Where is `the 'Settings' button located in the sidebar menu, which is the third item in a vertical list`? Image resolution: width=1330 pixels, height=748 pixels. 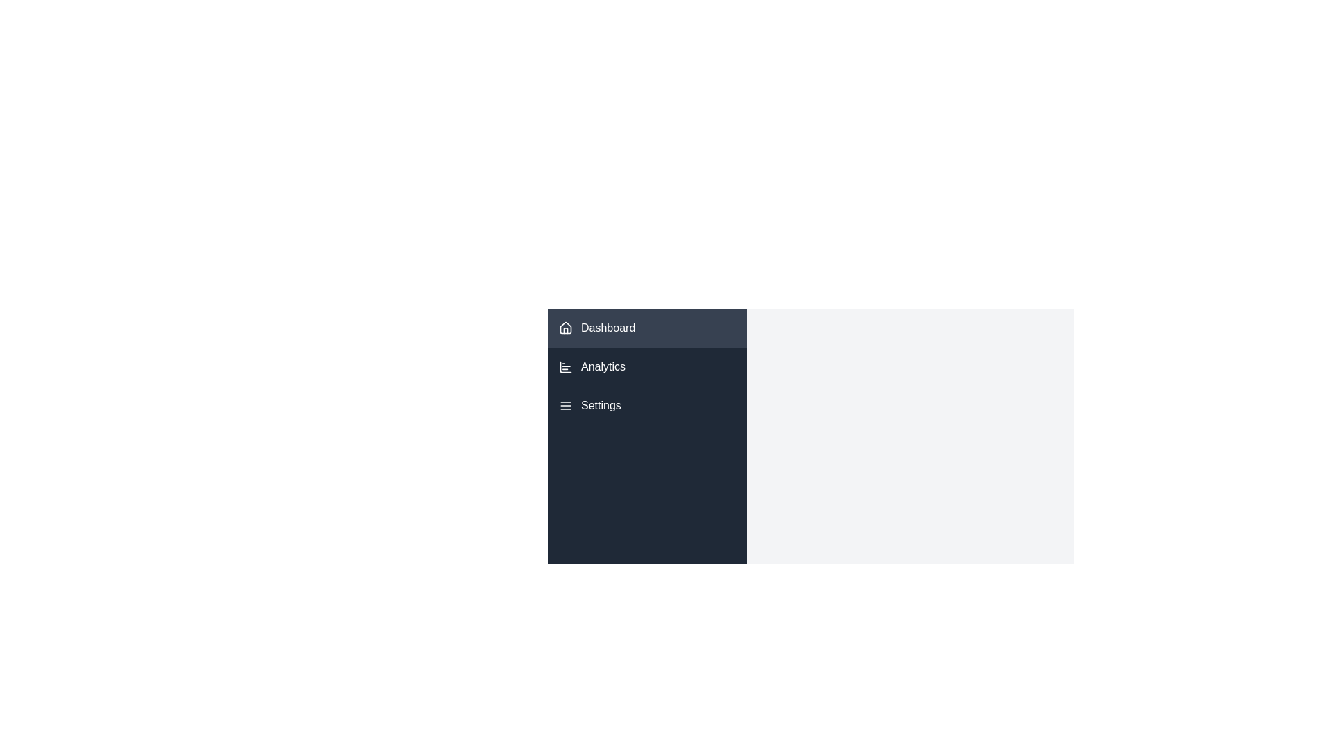 the 'Settings' button located in the sidebar menu, which is the third item in a vertical list is located at coordinates (647, 405).